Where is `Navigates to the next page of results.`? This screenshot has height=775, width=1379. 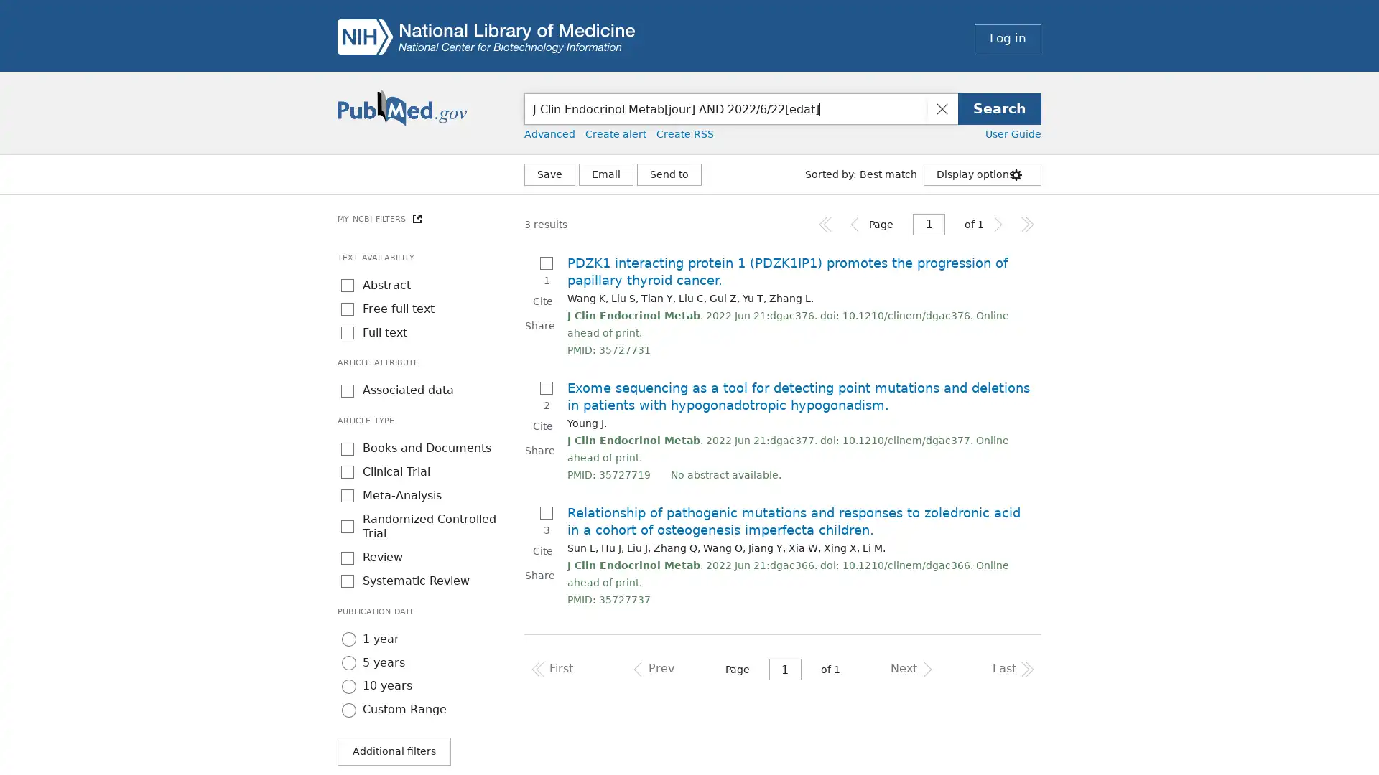 Navigates to the next page of results. is located at coordinates (909, 670).